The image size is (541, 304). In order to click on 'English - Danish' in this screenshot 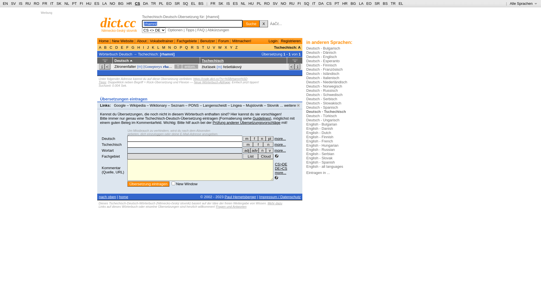, I will do `click(320, 128)`.